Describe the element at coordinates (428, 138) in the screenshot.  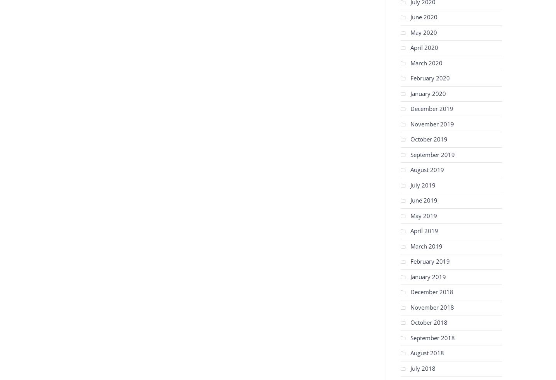
I see `'October 2019'` at that location.